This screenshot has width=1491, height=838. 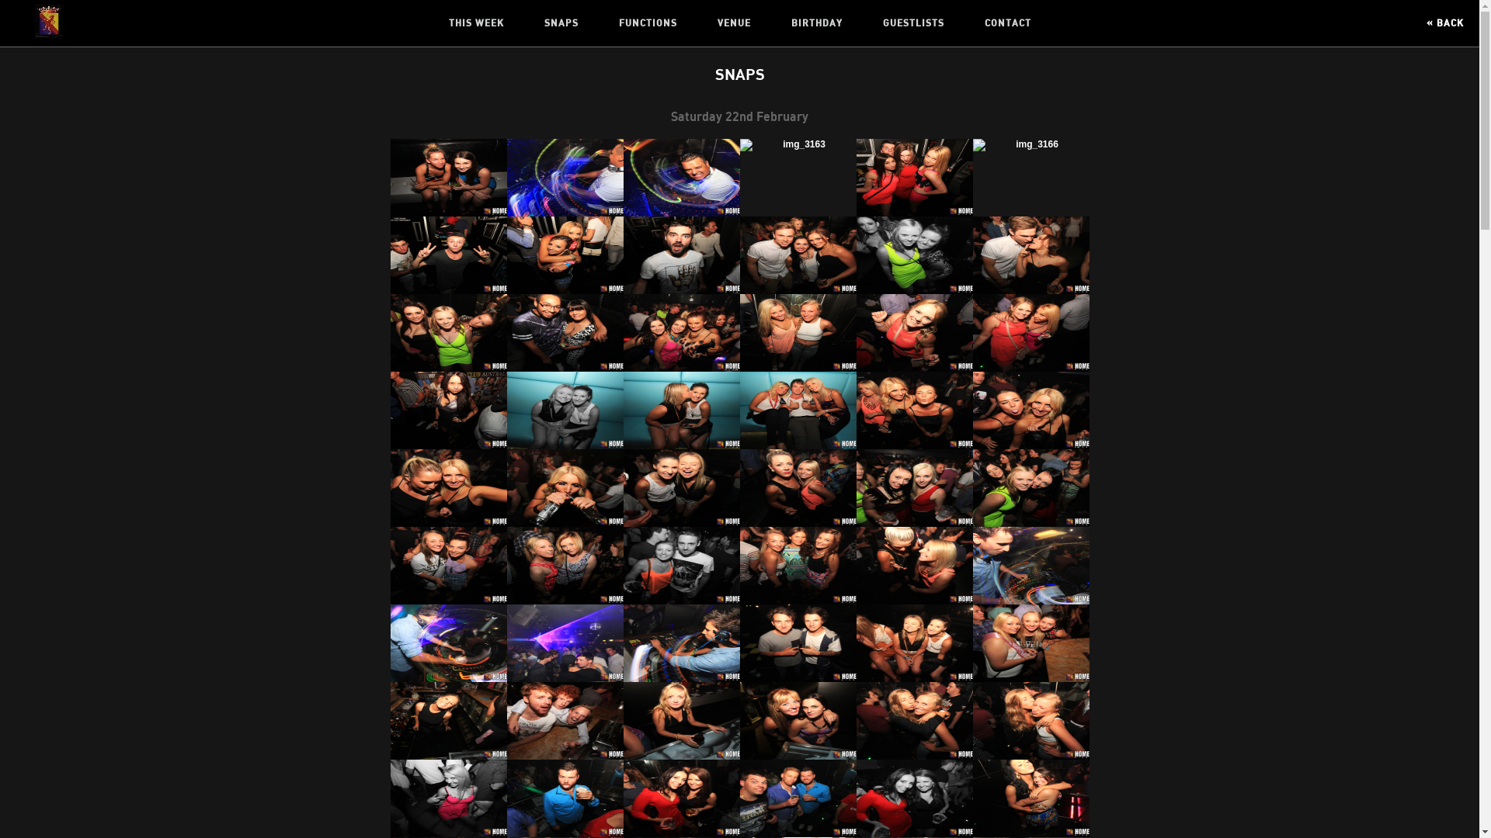 I want to click on ' ', so click(x=622, y=798).